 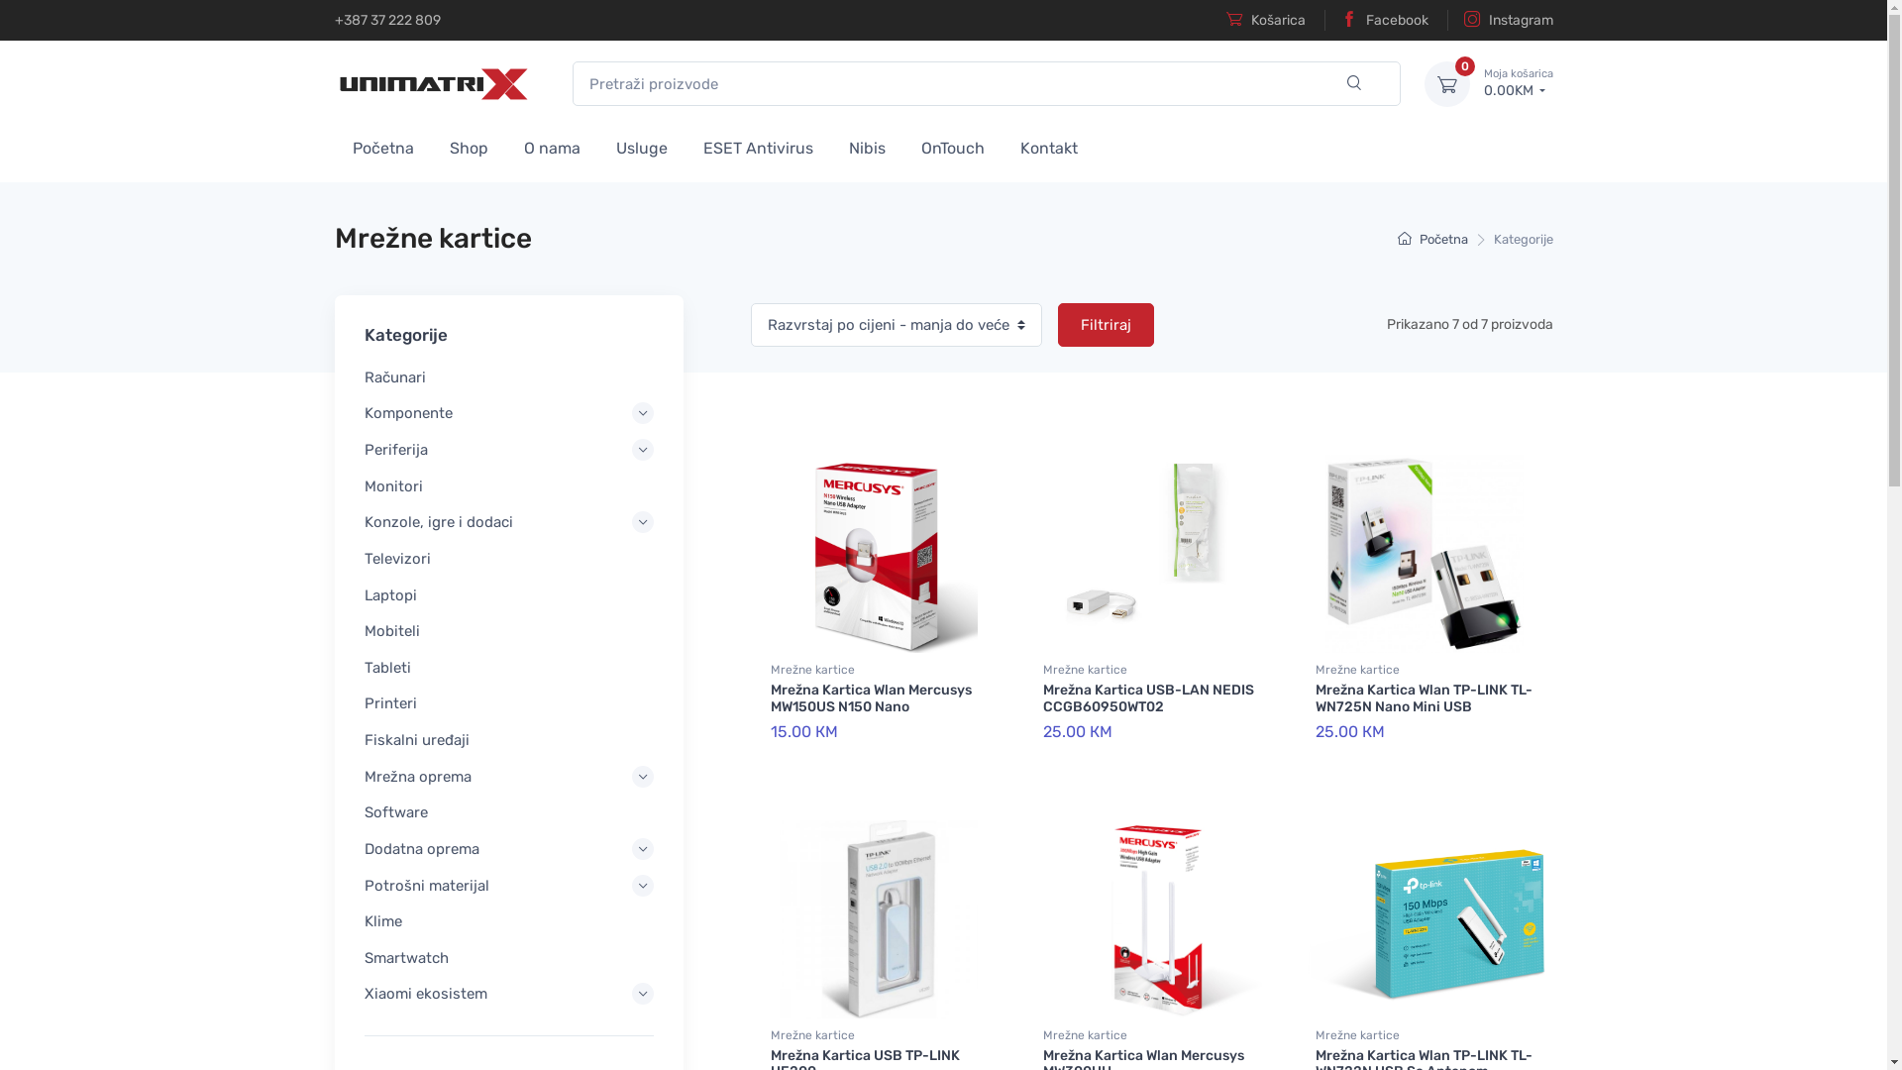 I want to click on 'Komponente', so click(x=508, y=412).